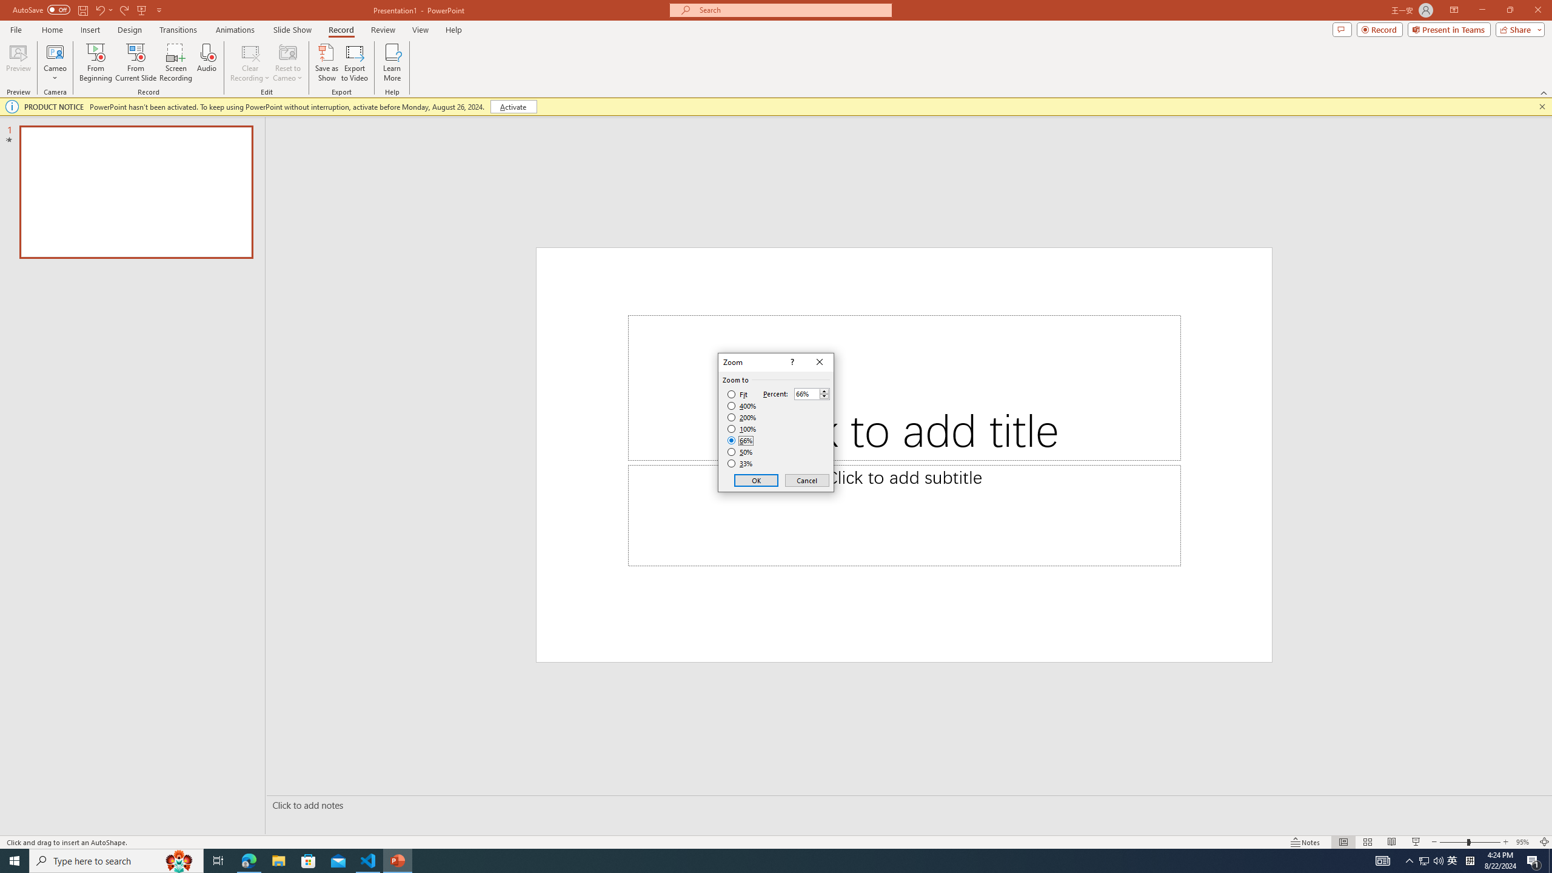 The height and width of the screenshot is (873, 1552). Describe the element at coordinates (326, 62) in the screenshot. I see `'Save as Show'` at that location.